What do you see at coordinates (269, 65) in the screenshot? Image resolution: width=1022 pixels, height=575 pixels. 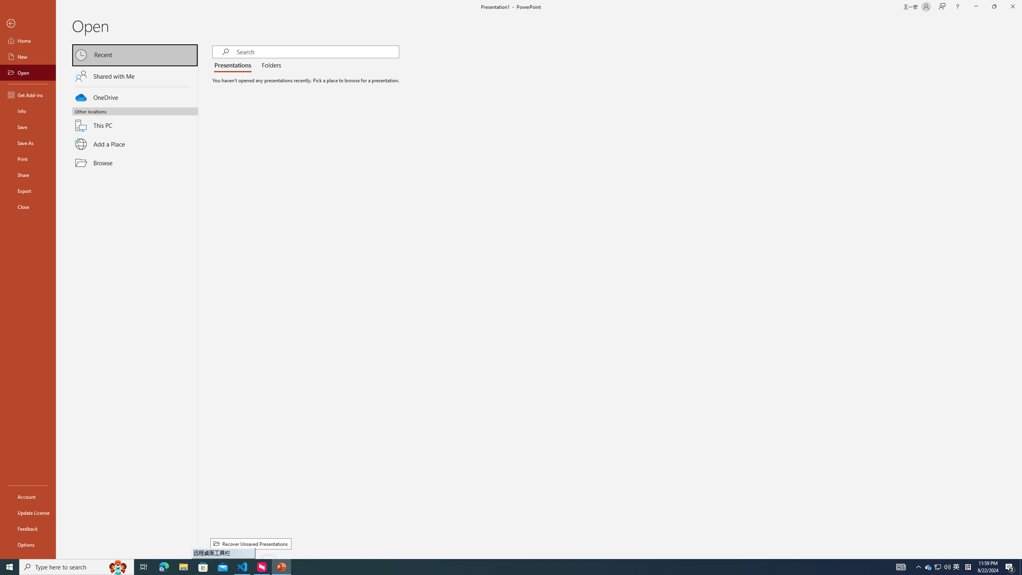 I see `'Folders'` at bounding box center [269, 65].